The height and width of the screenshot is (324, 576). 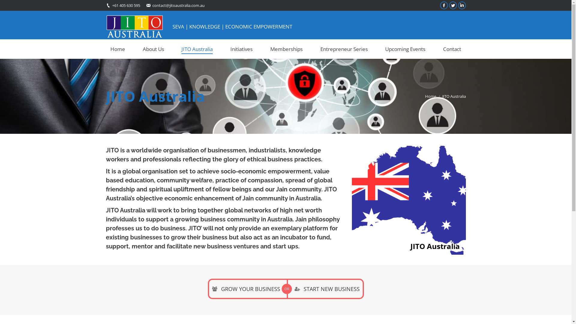 What do you see at coordinates (452, 5) in the screenshot?
I see `'Twitter'` at bounding box center [452, 5].